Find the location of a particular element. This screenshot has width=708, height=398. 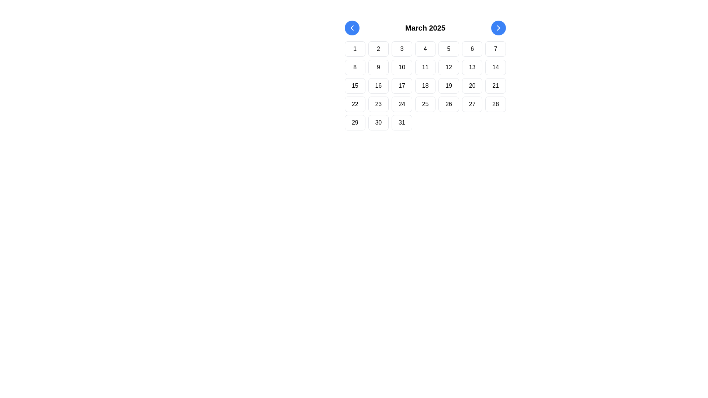

the chevron icon located at the far right of the header bar is located at coordinates (499, 28).